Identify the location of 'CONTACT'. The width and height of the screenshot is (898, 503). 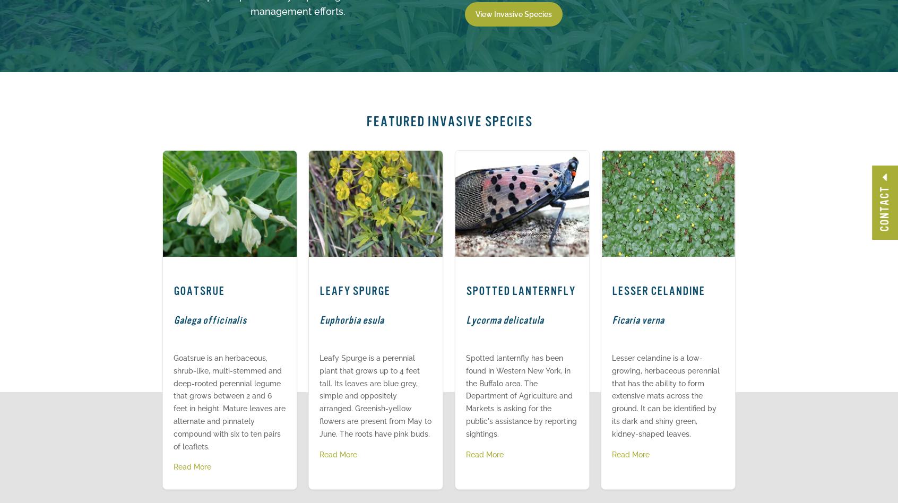
(884, 208).